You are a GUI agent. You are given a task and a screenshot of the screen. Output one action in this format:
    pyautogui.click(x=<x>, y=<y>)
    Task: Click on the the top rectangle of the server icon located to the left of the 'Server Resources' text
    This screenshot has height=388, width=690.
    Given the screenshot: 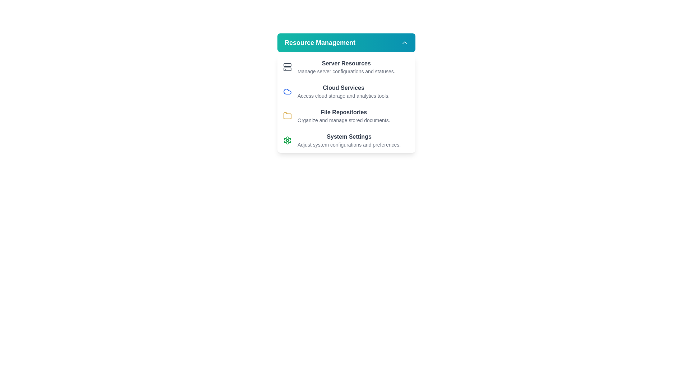 What is the action you would take?
    pyautogui.click(x=287, y=65)
    